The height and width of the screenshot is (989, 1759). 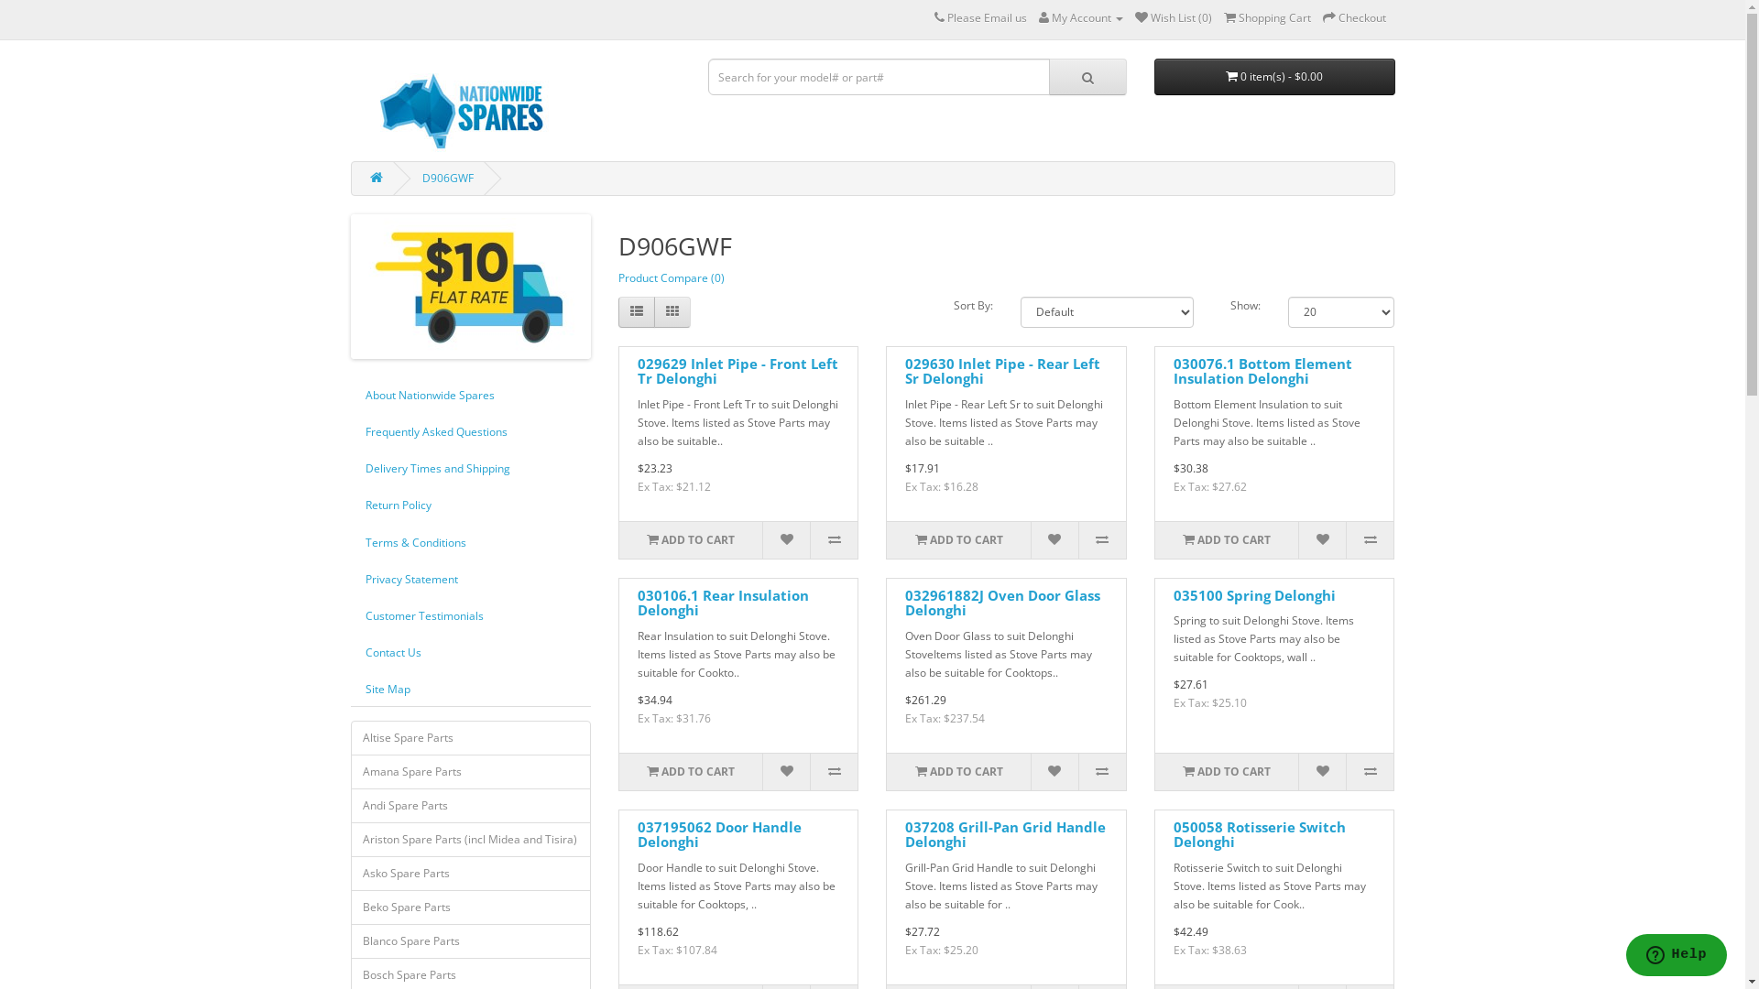 I want to click on 'Shopping Cart', so click(x=1266, y=17).